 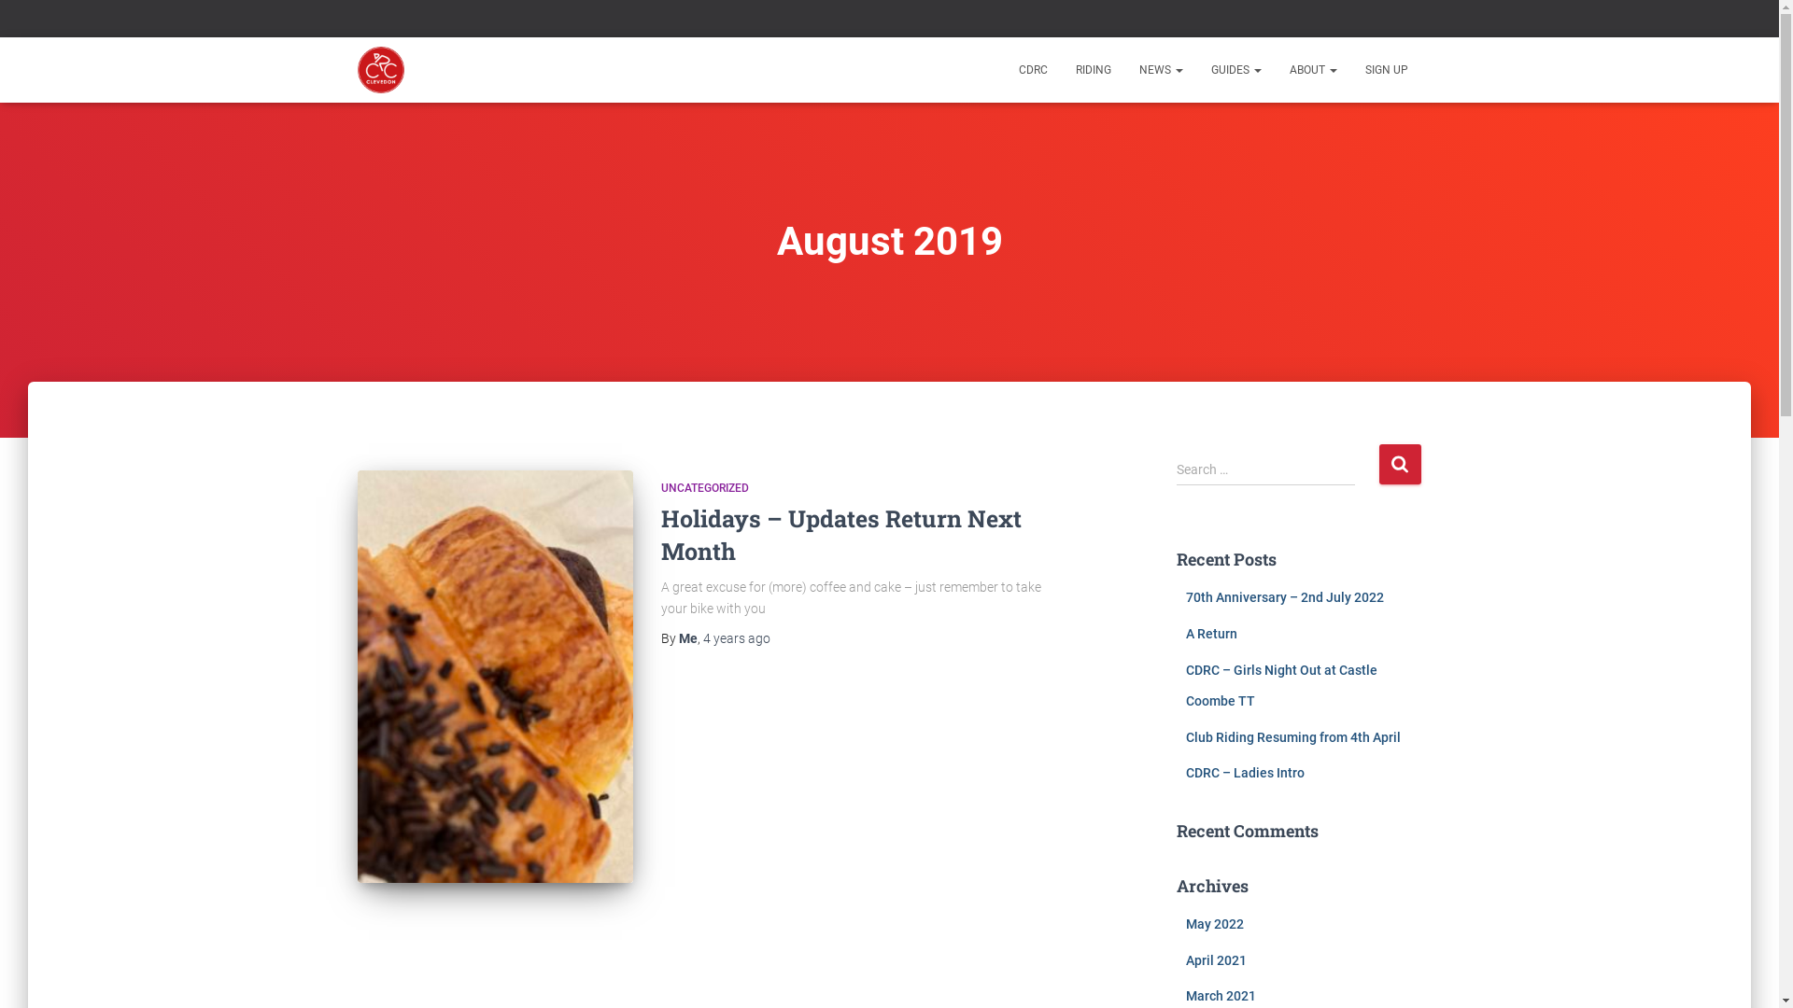 I want to click on 'April 2021', so click(x=1216, y=960).